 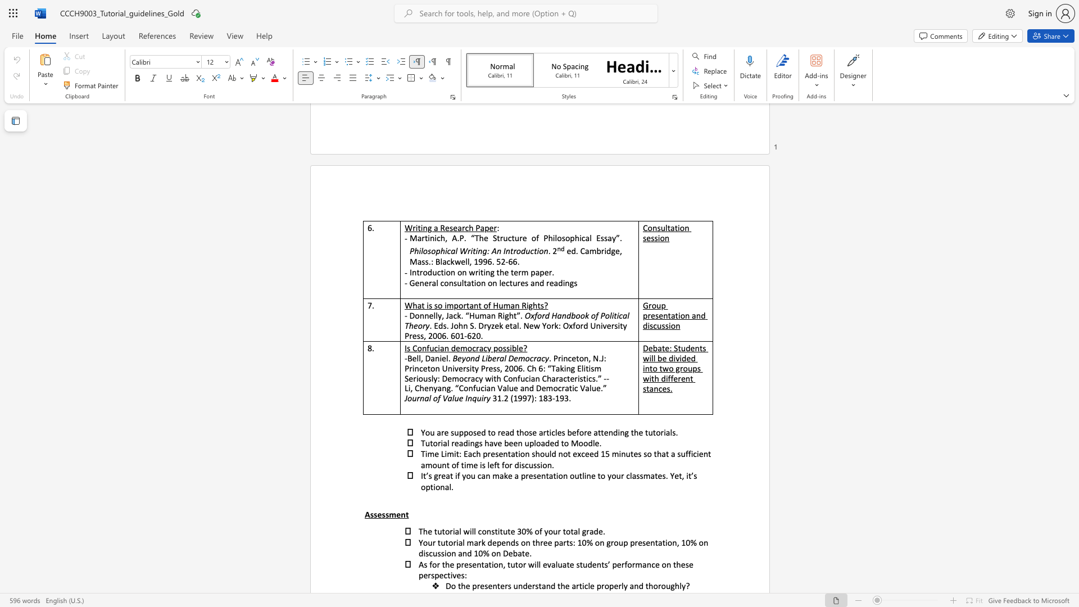 I want to click on the subset text "l of Value" within the text "Journal of Value Inquiry", so click(x=428, y=397).